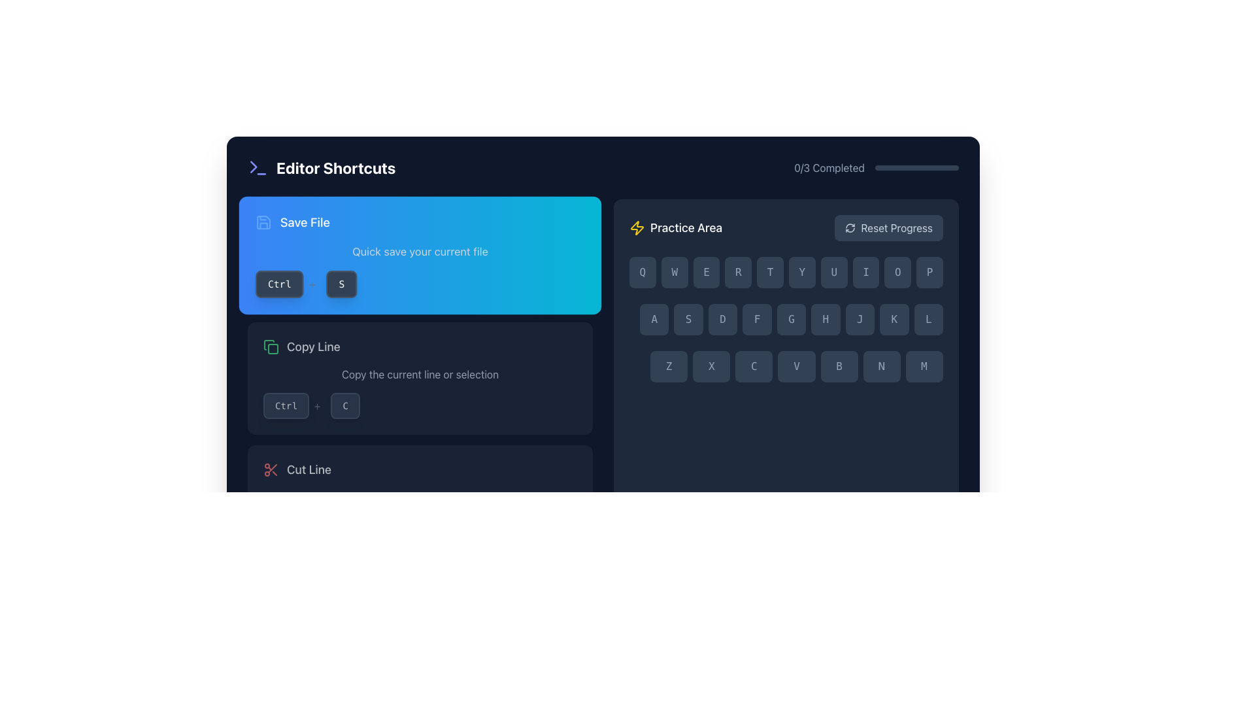 The width and height of the screenshot is (1255, 706). What do you see at coordinates (825, 320) in the screenshot?
I see `the button labeled 'H' in the virtual keyboard interface` at bounding box center [825, 320].